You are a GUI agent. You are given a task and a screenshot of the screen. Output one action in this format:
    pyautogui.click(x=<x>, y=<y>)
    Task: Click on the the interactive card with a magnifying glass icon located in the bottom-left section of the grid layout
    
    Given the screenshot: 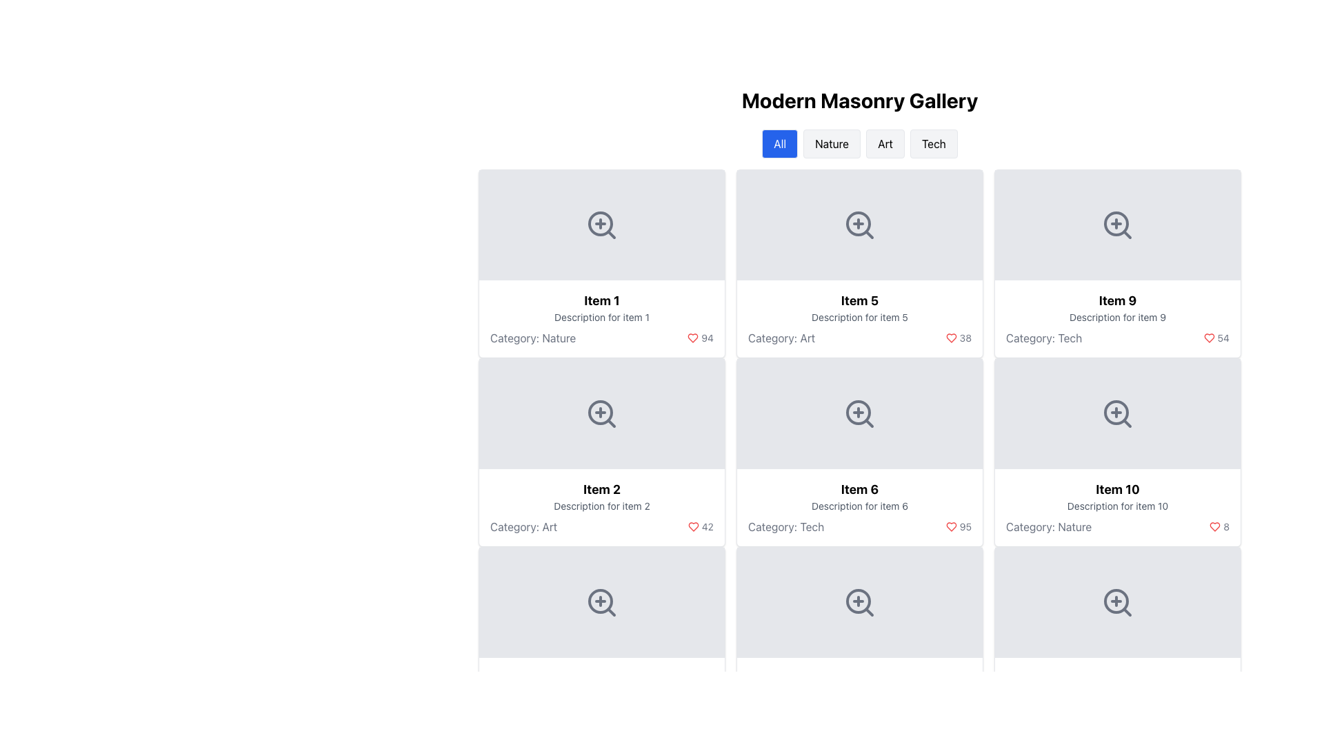 What is the action you would take?
    pyautogui.click(x=602, y=602)
    